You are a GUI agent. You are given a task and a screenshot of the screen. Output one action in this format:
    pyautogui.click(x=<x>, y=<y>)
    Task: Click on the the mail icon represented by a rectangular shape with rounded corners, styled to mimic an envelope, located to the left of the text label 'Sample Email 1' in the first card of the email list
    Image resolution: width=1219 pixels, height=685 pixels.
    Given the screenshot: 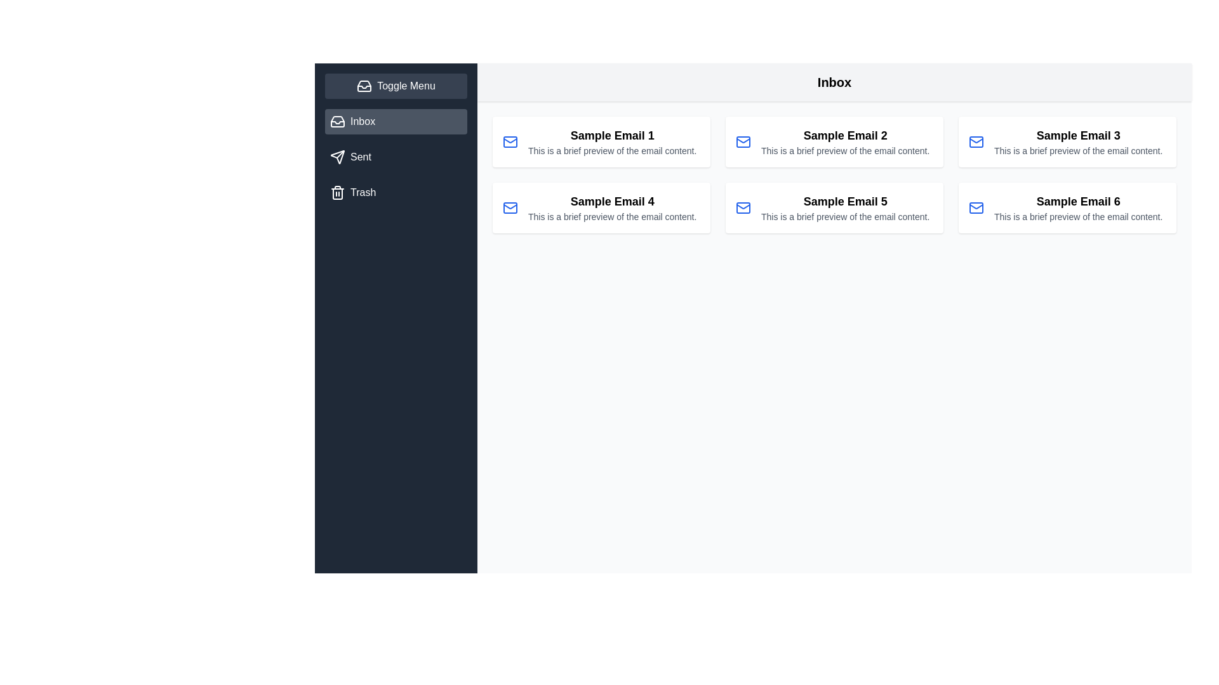 What is the action you would take?
    pyautogui.click(x=510, y=141)
    